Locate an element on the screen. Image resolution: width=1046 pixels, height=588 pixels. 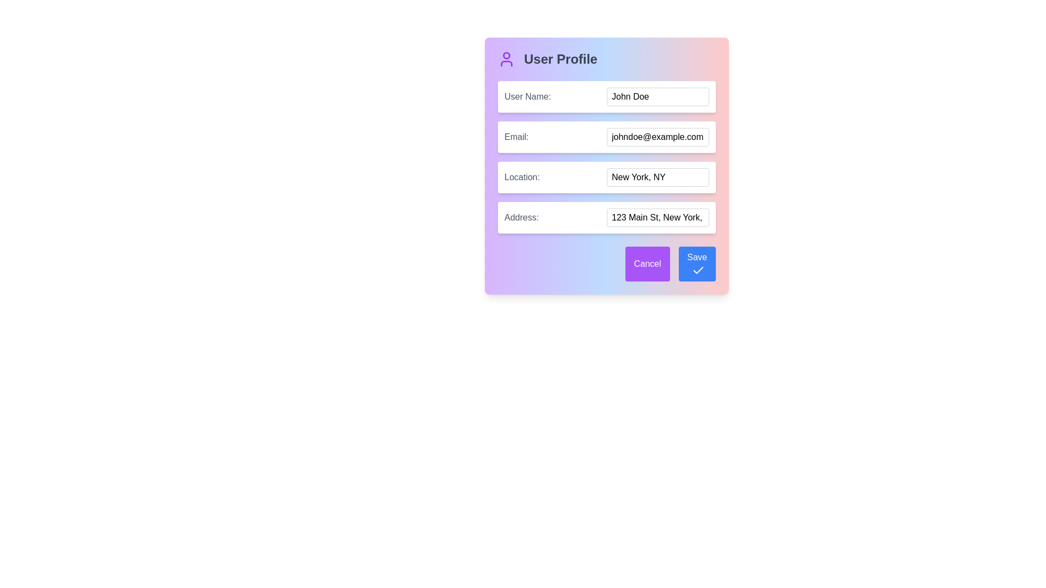
Text label that provides context for the associated input field labeled 'New York, NY' in the user profile editing panel is located at coordinates (521, 177).